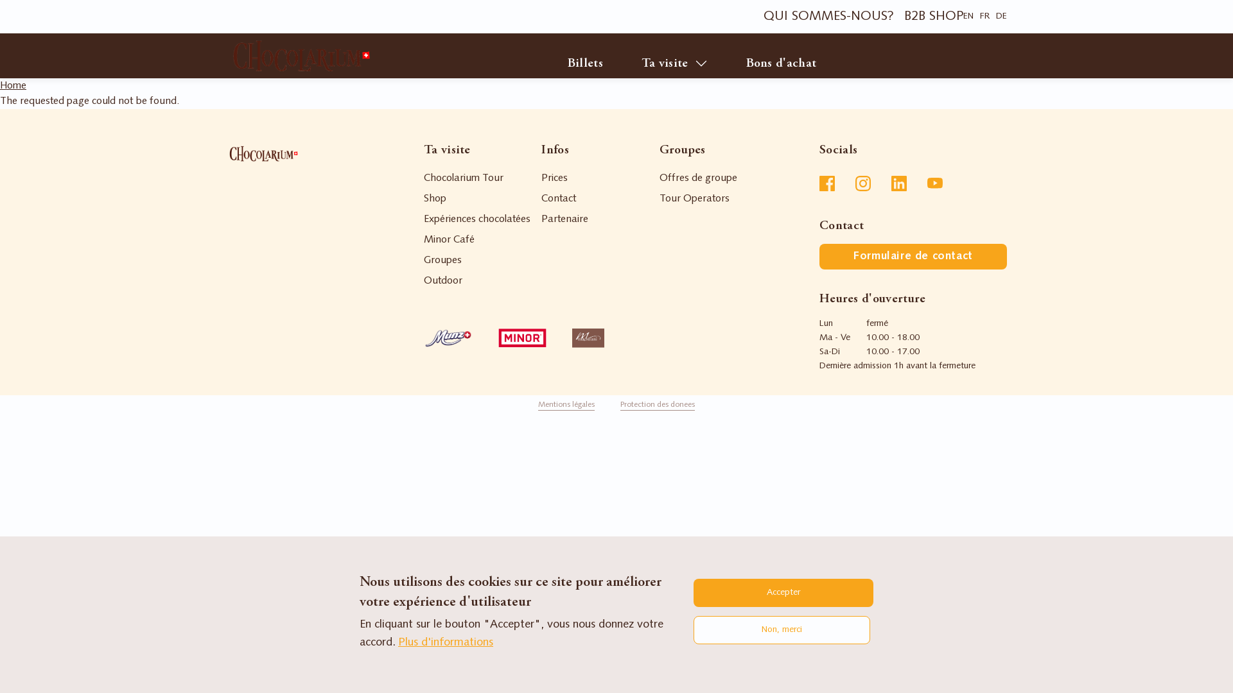 This screenshot has width=1233, height=693. What do you see at coordinates (554, 178) in the screenshot?
I see `'Prices'` at bounding box center [554, 178].